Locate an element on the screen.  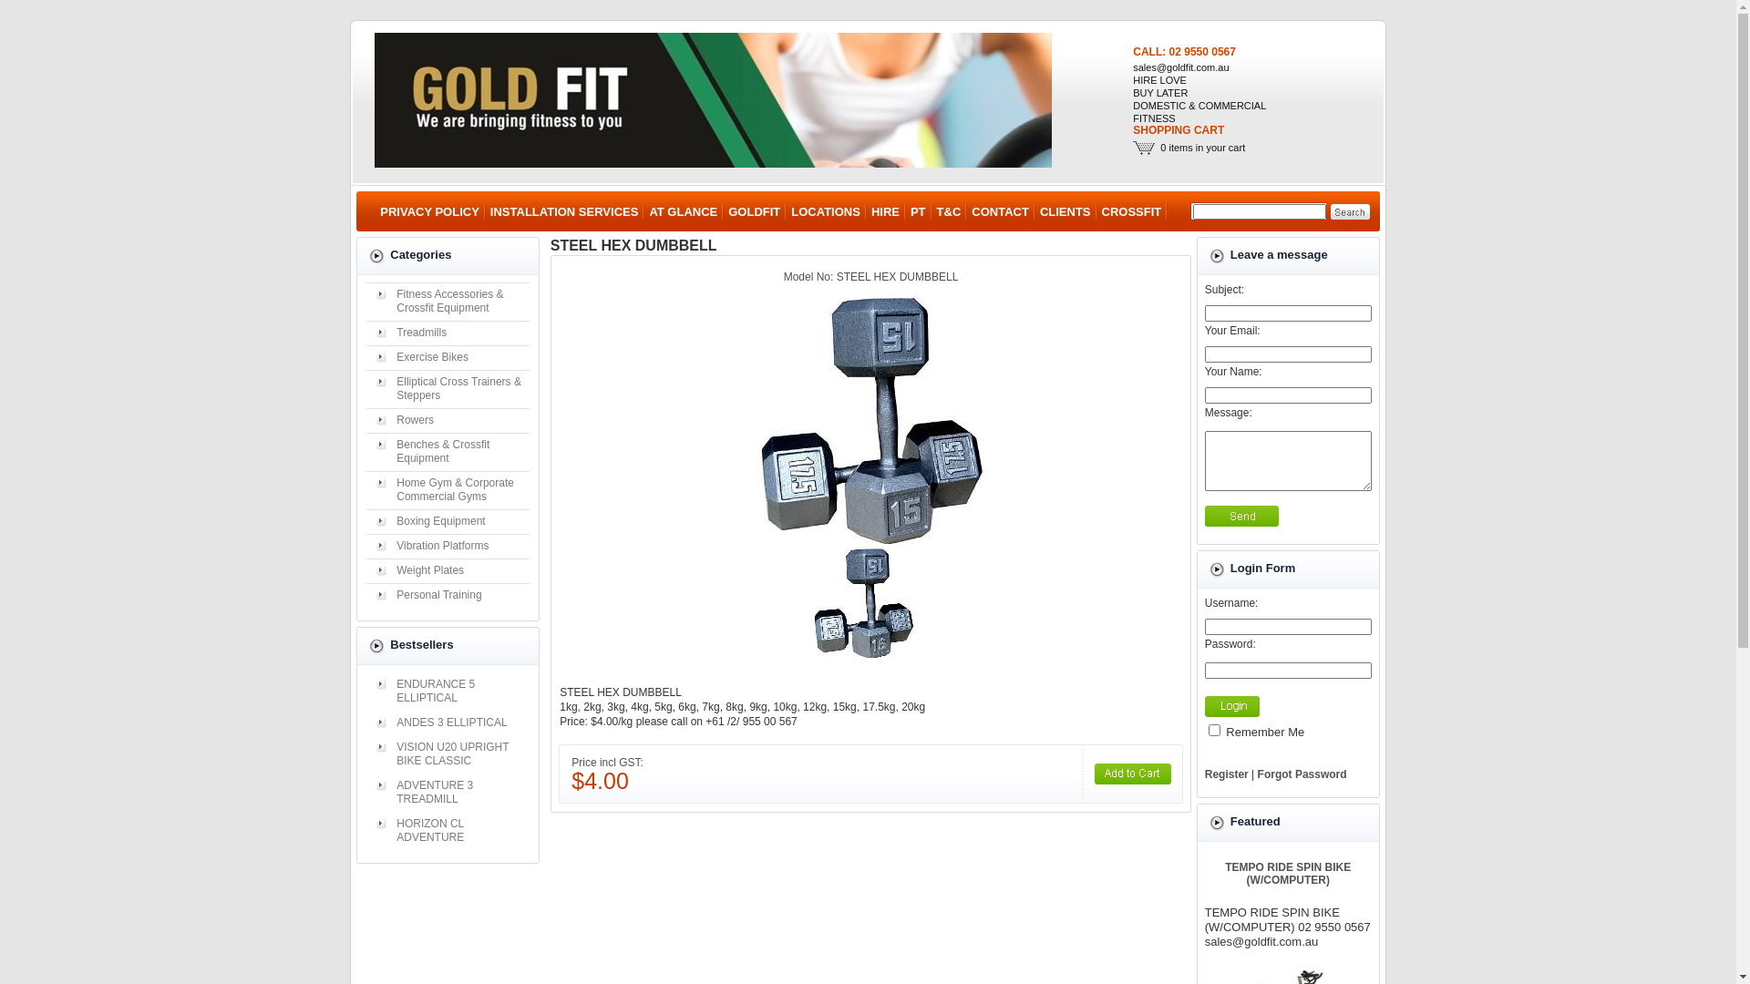
'Register' is located at coordinates (1226, 774).